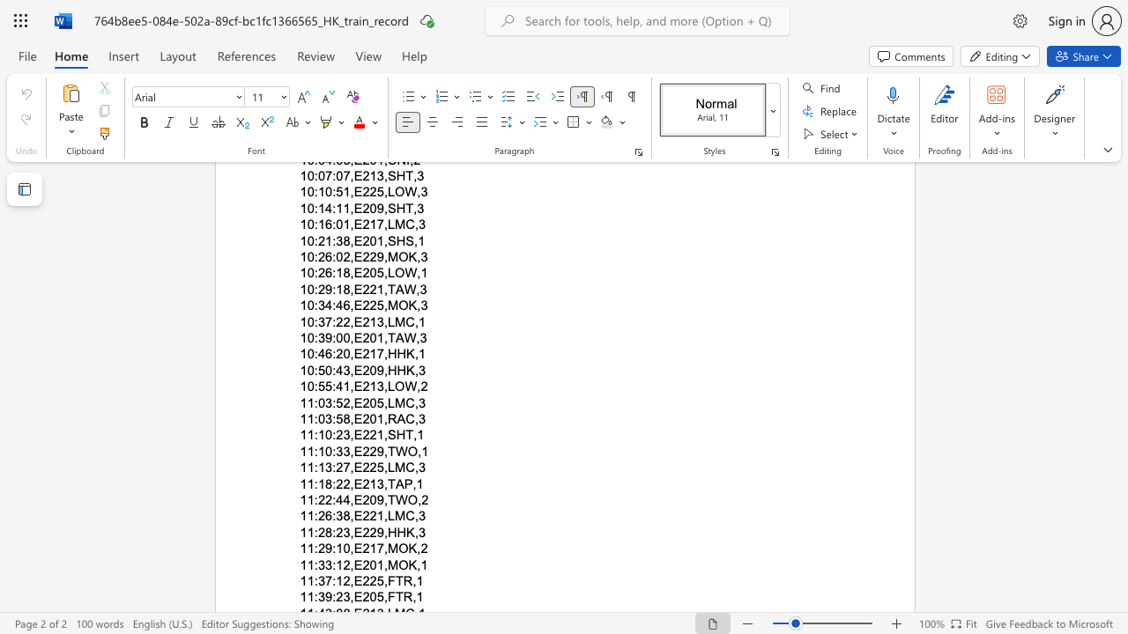  Describe the element at coordinates (375, 450) in the screenshot. I see `the subset text "9,T" within the text "11:10:33,E229,TWO,1"` at that location.